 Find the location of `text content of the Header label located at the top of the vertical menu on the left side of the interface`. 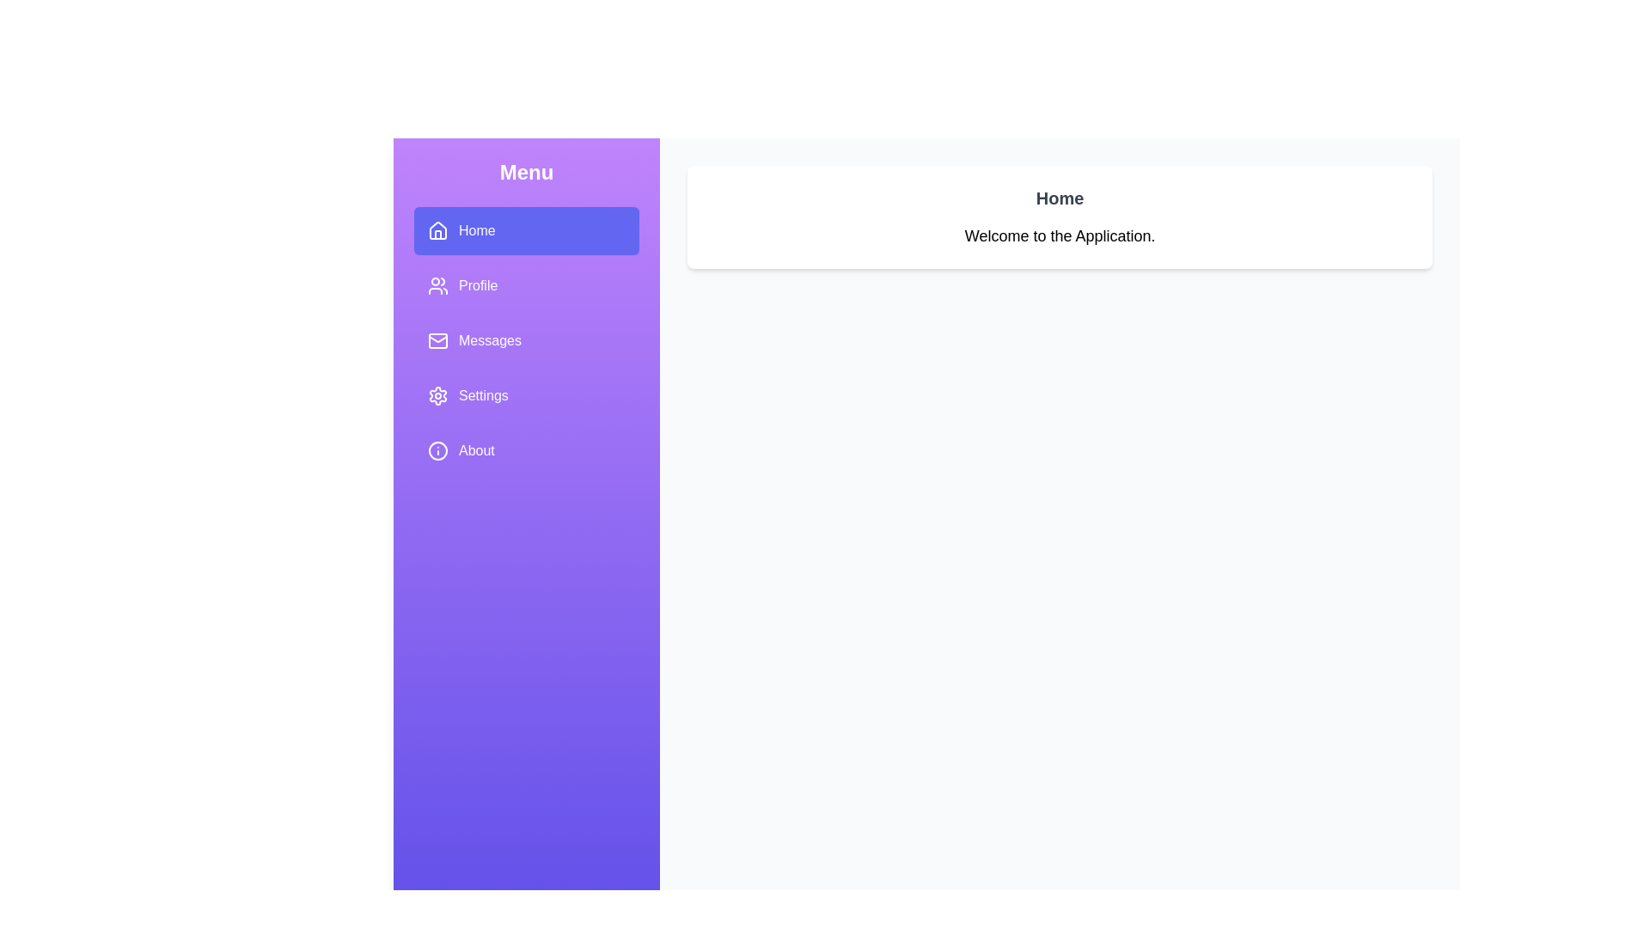

text content of the Header label located at the top of the vertical menu on the left side of the interface is located at coordinates (526, 172).